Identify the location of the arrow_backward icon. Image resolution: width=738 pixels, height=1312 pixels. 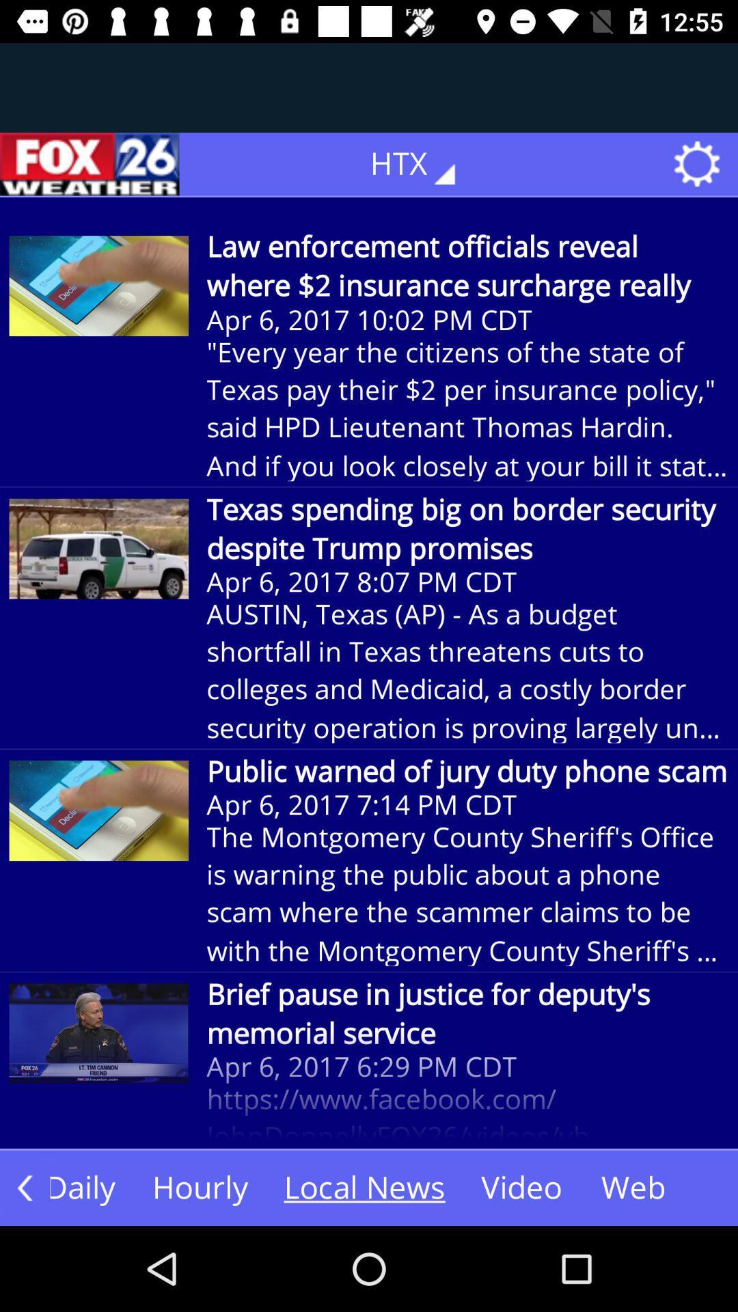
(25, 1187).